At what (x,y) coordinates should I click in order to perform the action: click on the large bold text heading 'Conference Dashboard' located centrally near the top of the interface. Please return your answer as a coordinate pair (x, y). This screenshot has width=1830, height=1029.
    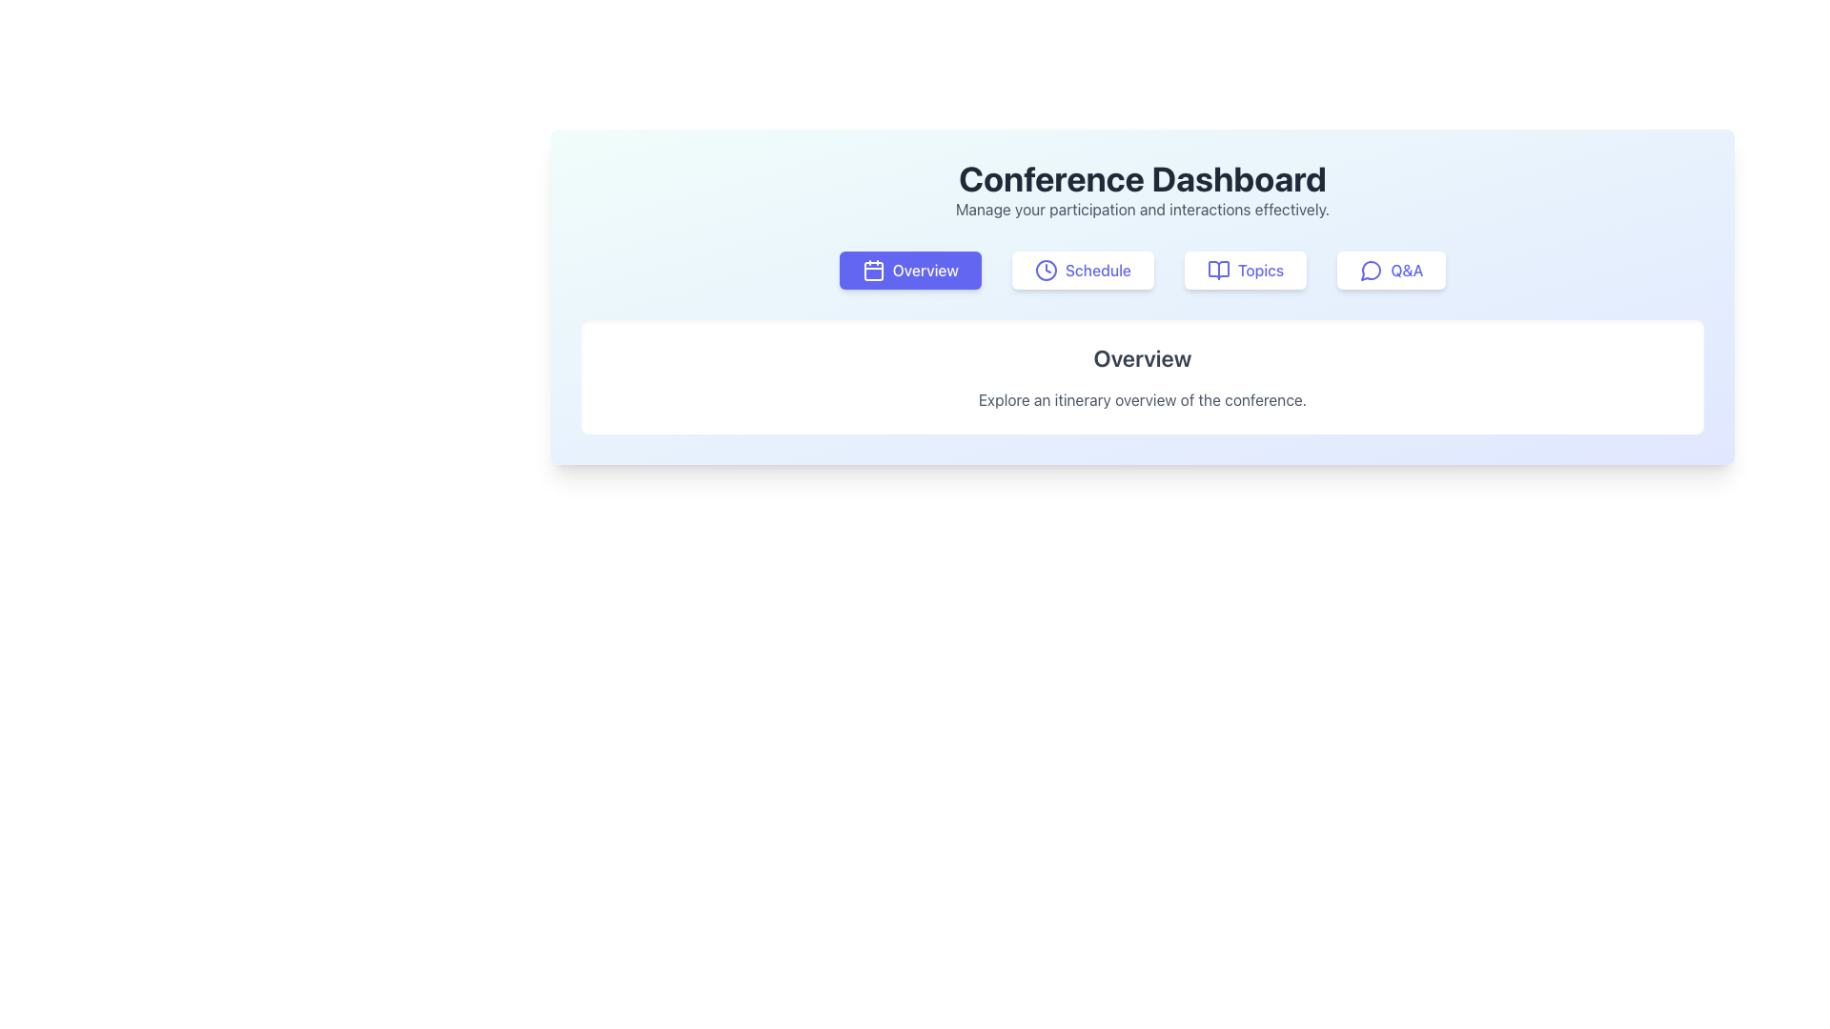
    Looking at the image, I should click on (1143, 179).